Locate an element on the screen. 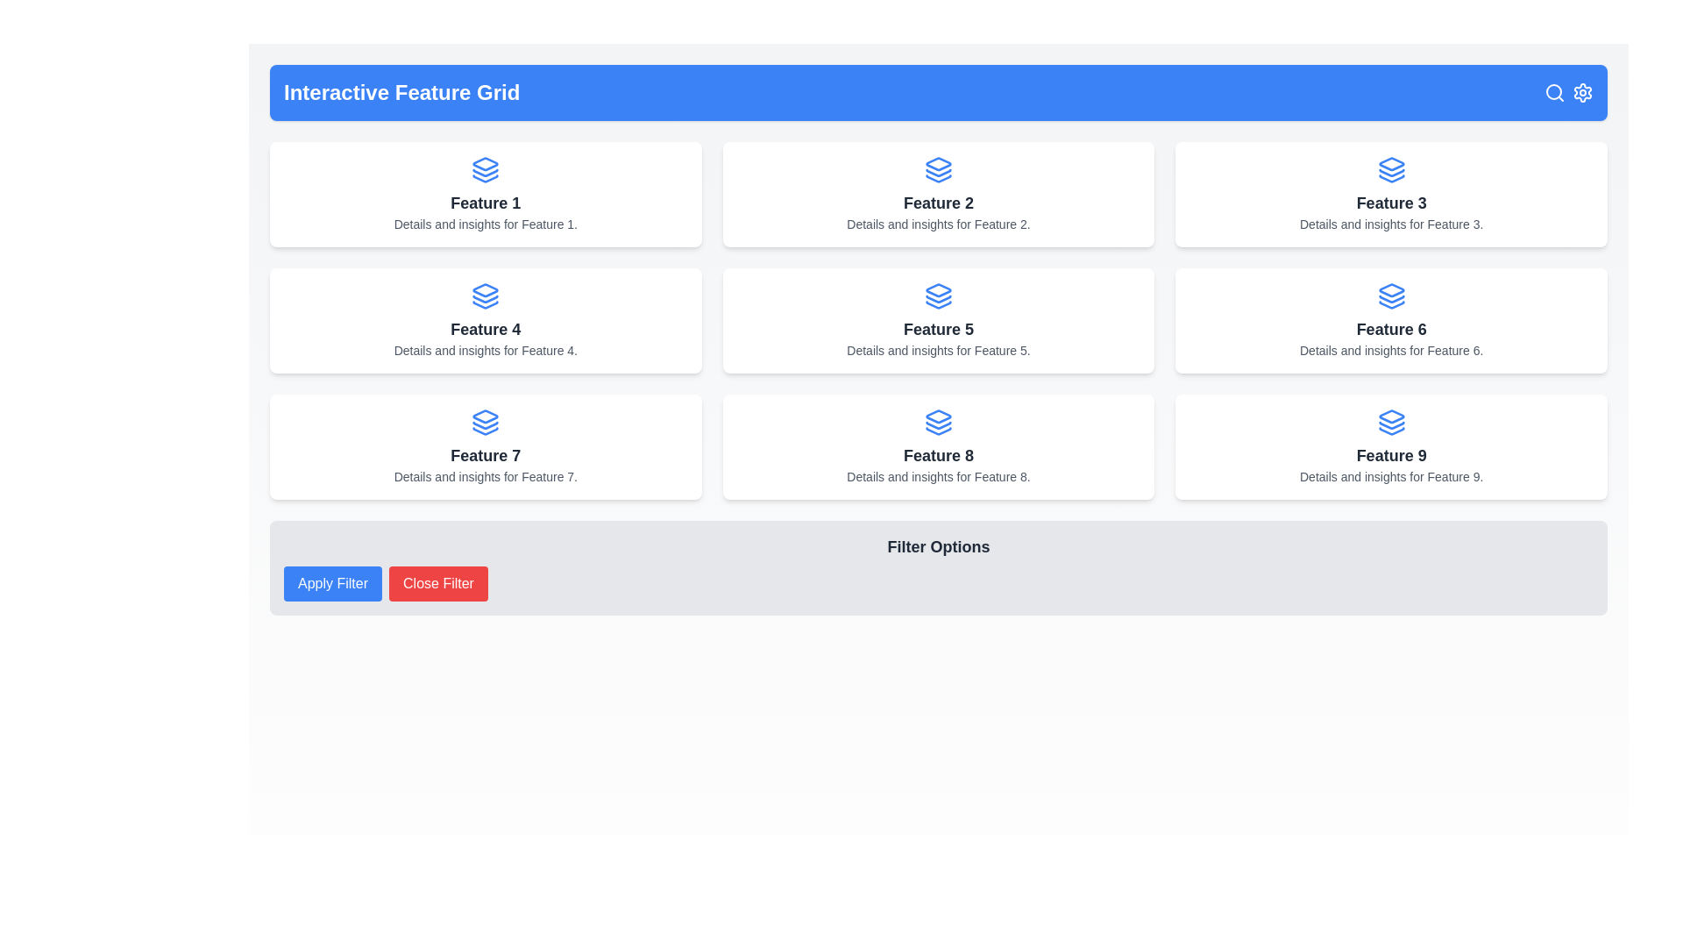 The image size is (1683, 947). the 'Feature 8' card located in the third row, second column of the grid for keyboard navigation is located at coordinates (937, 445).